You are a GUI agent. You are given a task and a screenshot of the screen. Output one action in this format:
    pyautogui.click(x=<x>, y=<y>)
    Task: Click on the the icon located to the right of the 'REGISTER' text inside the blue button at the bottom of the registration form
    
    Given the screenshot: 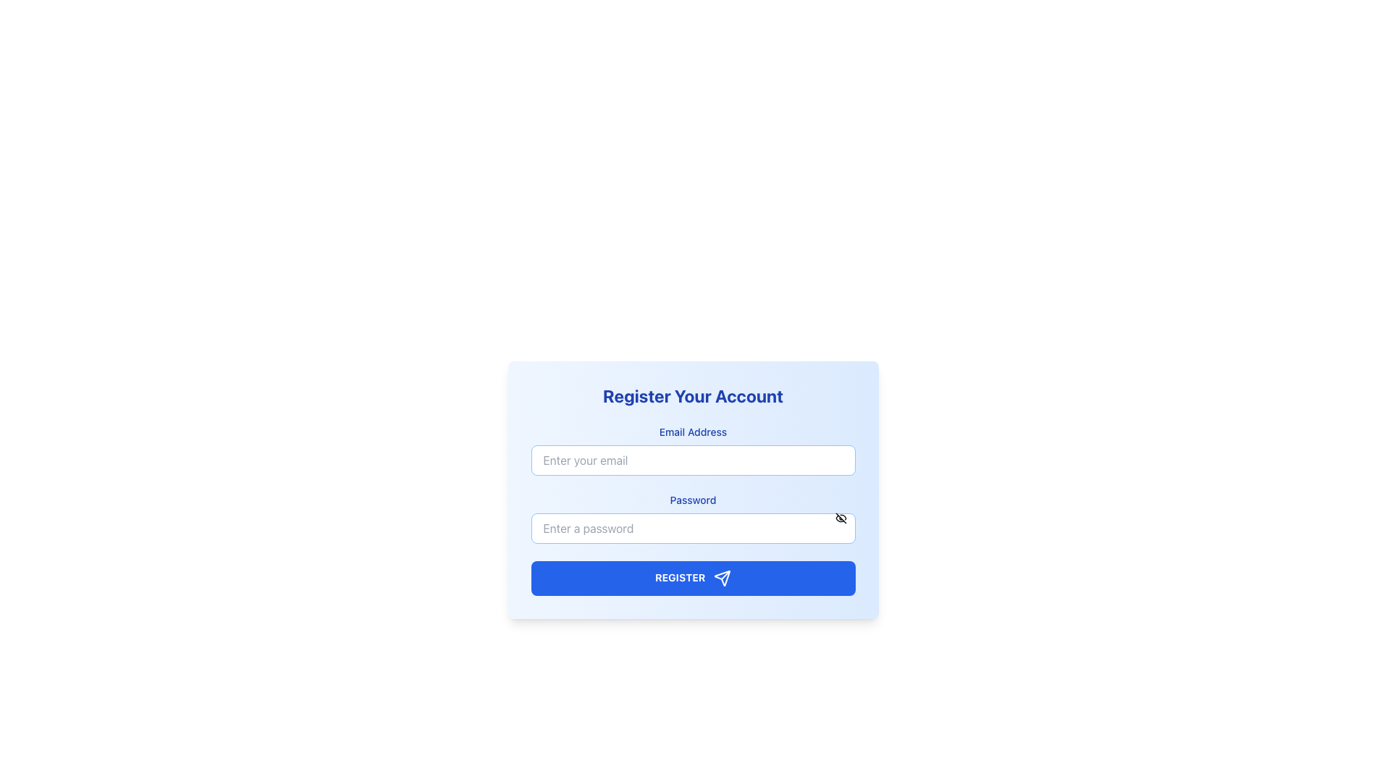 What is the action you would take?
    pyautogui.click(x=723, y=577)
    